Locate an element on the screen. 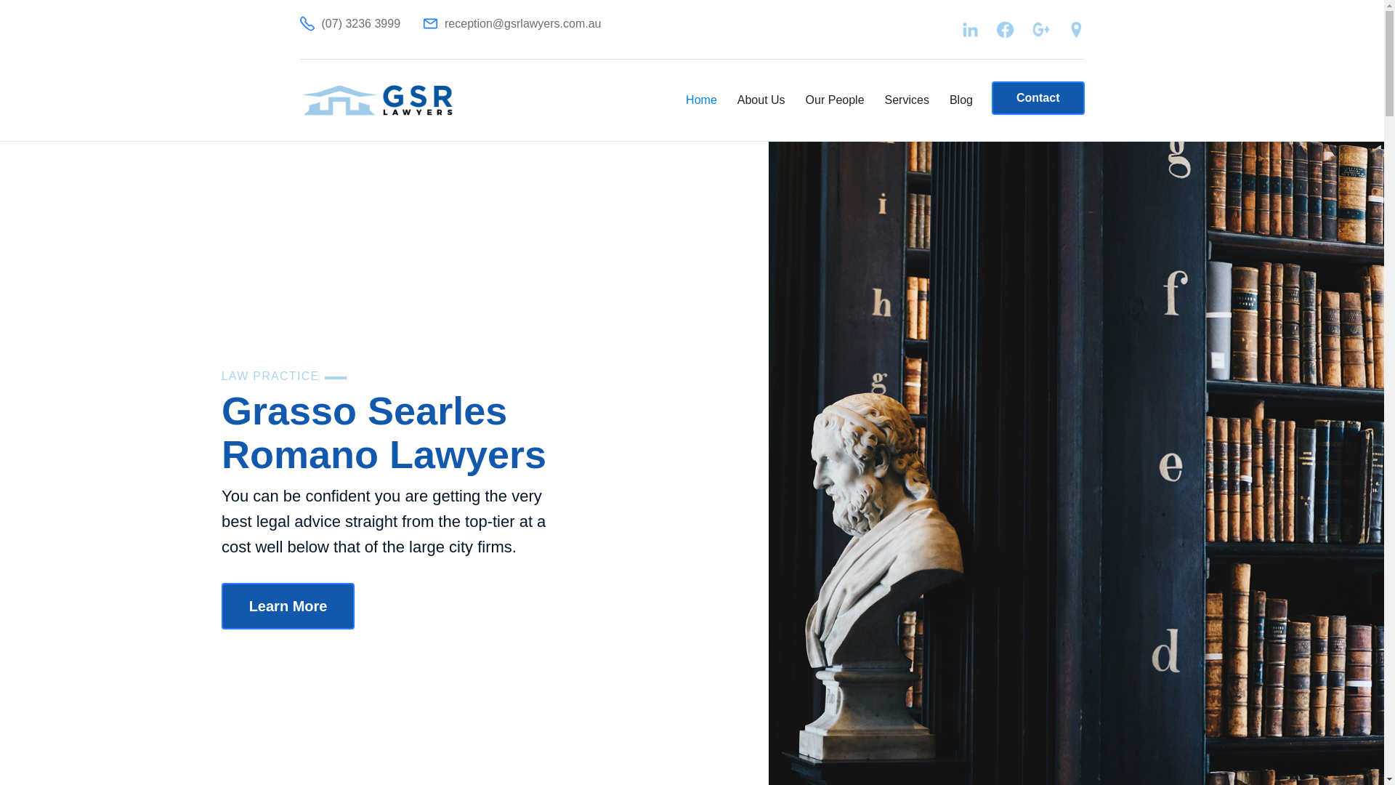 The image size is (1395, 785). 'Blog' is located at coordinates (961, 100).